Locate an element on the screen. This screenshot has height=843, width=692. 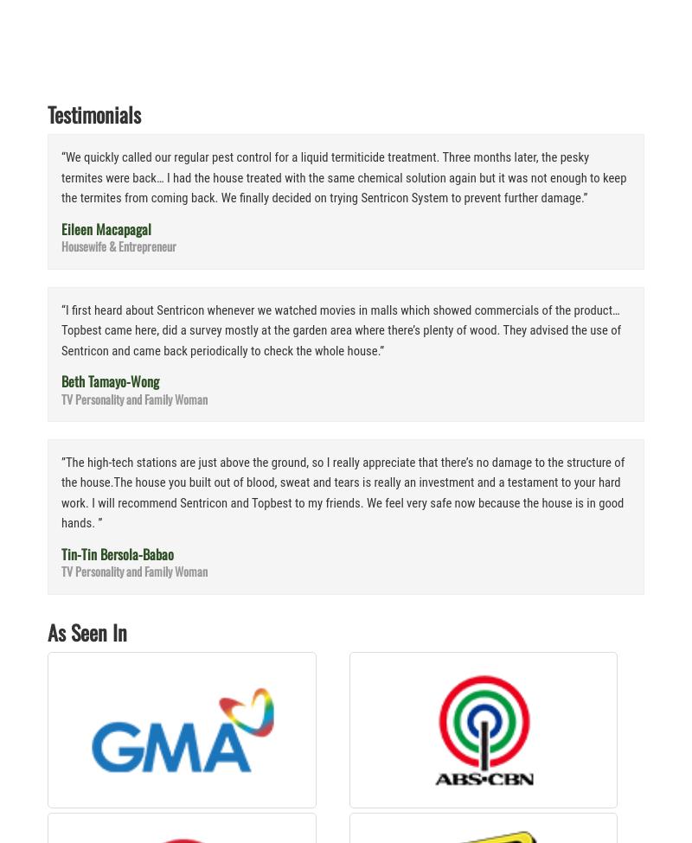
'Tin-Tin Bersola-Babao' is located at coordinates (118, 552).